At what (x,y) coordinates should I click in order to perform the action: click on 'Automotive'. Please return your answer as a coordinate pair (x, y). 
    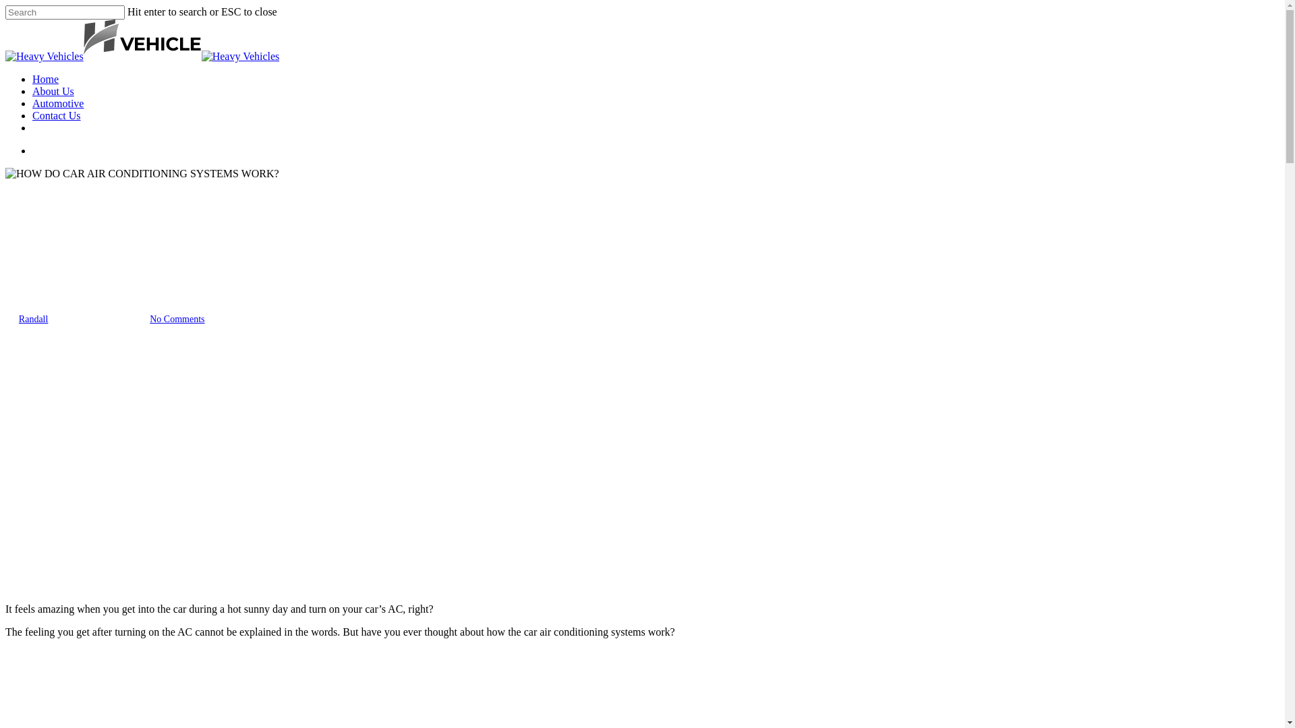
    Looking at the image, I should click on (57, 102).